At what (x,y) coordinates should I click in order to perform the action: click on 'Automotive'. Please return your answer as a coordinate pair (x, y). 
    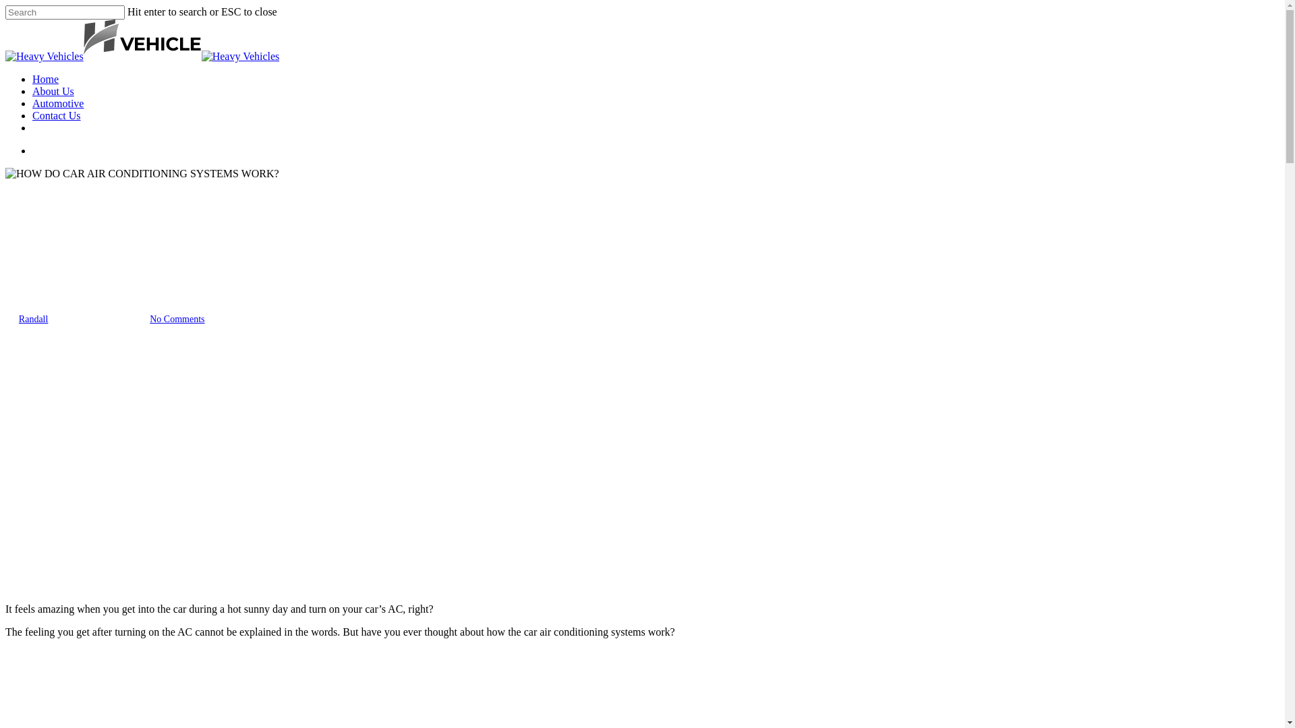
    Looking at the image, I should click on (57, 102).